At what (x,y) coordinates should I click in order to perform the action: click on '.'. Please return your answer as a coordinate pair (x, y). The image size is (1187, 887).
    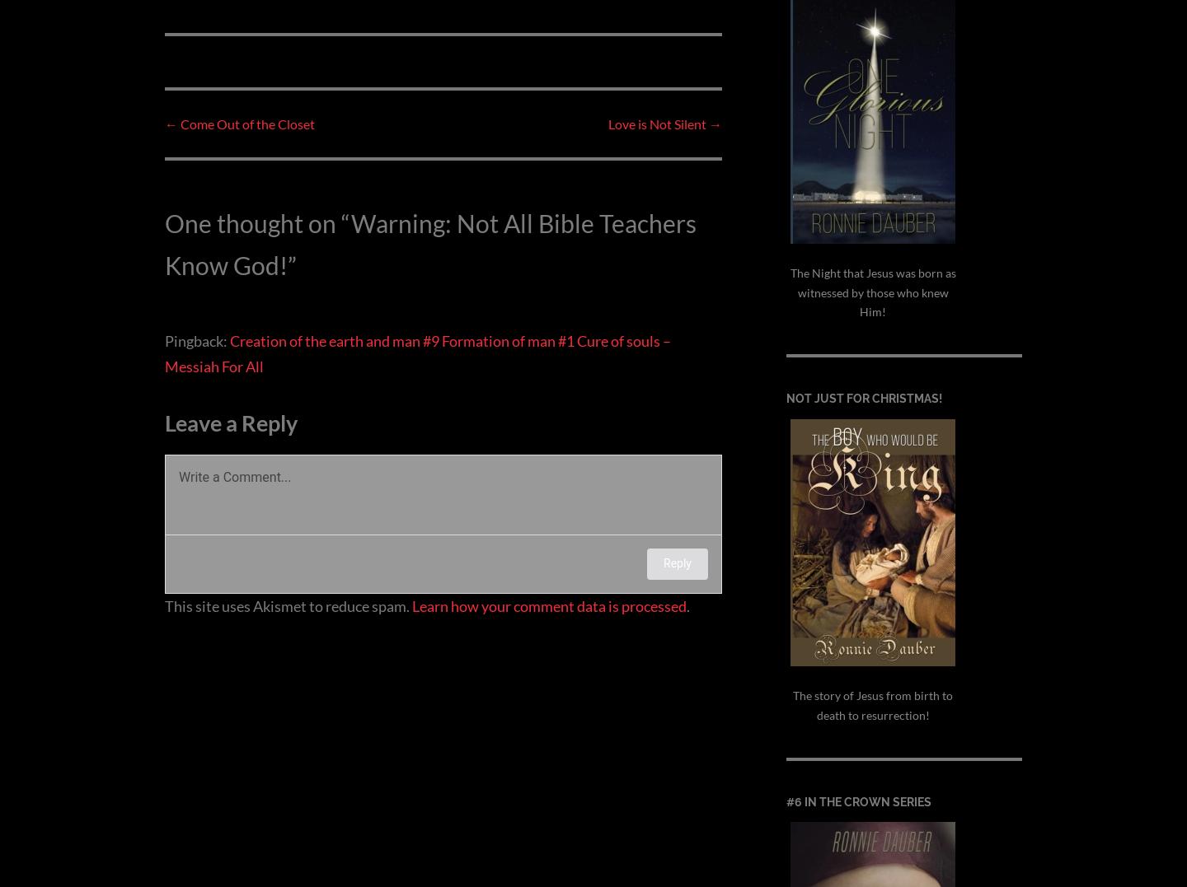
    Looking at the image, I should click on (688, 605).